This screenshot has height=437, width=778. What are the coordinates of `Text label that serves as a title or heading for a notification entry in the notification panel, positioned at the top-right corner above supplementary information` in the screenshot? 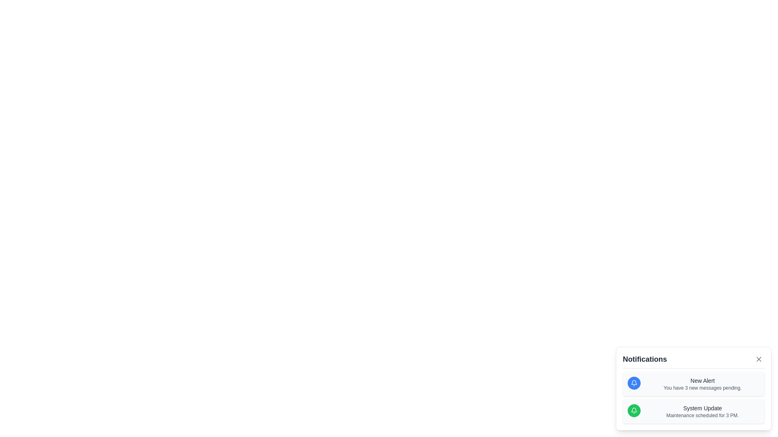 It's located at (702, 381).